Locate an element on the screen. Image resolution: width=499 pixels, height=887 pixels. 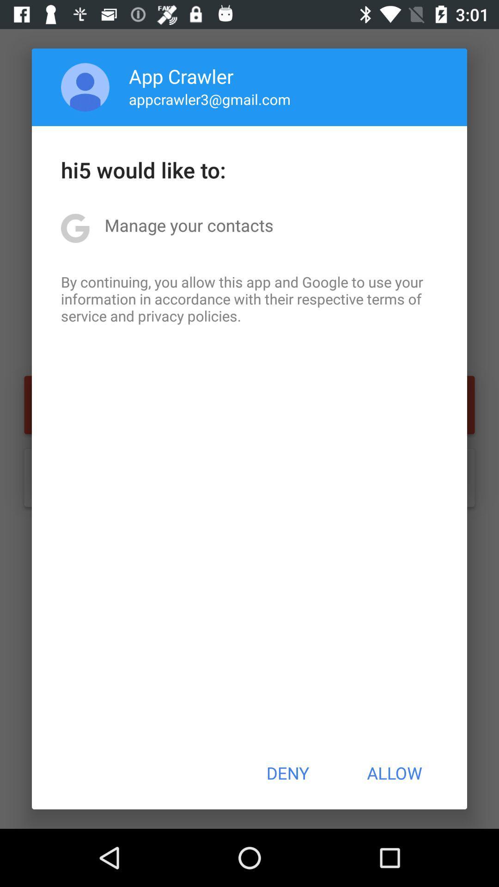
the item next to allow item is located at coordinates (287, 773).